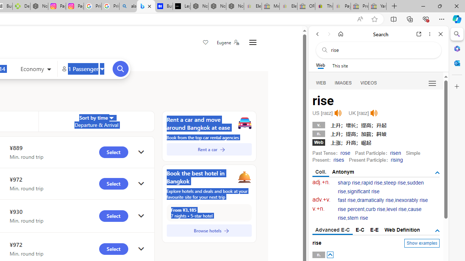 The height and width of the screenshot is (261, 465). I want to click on 'click to get details', so click(141, 249).